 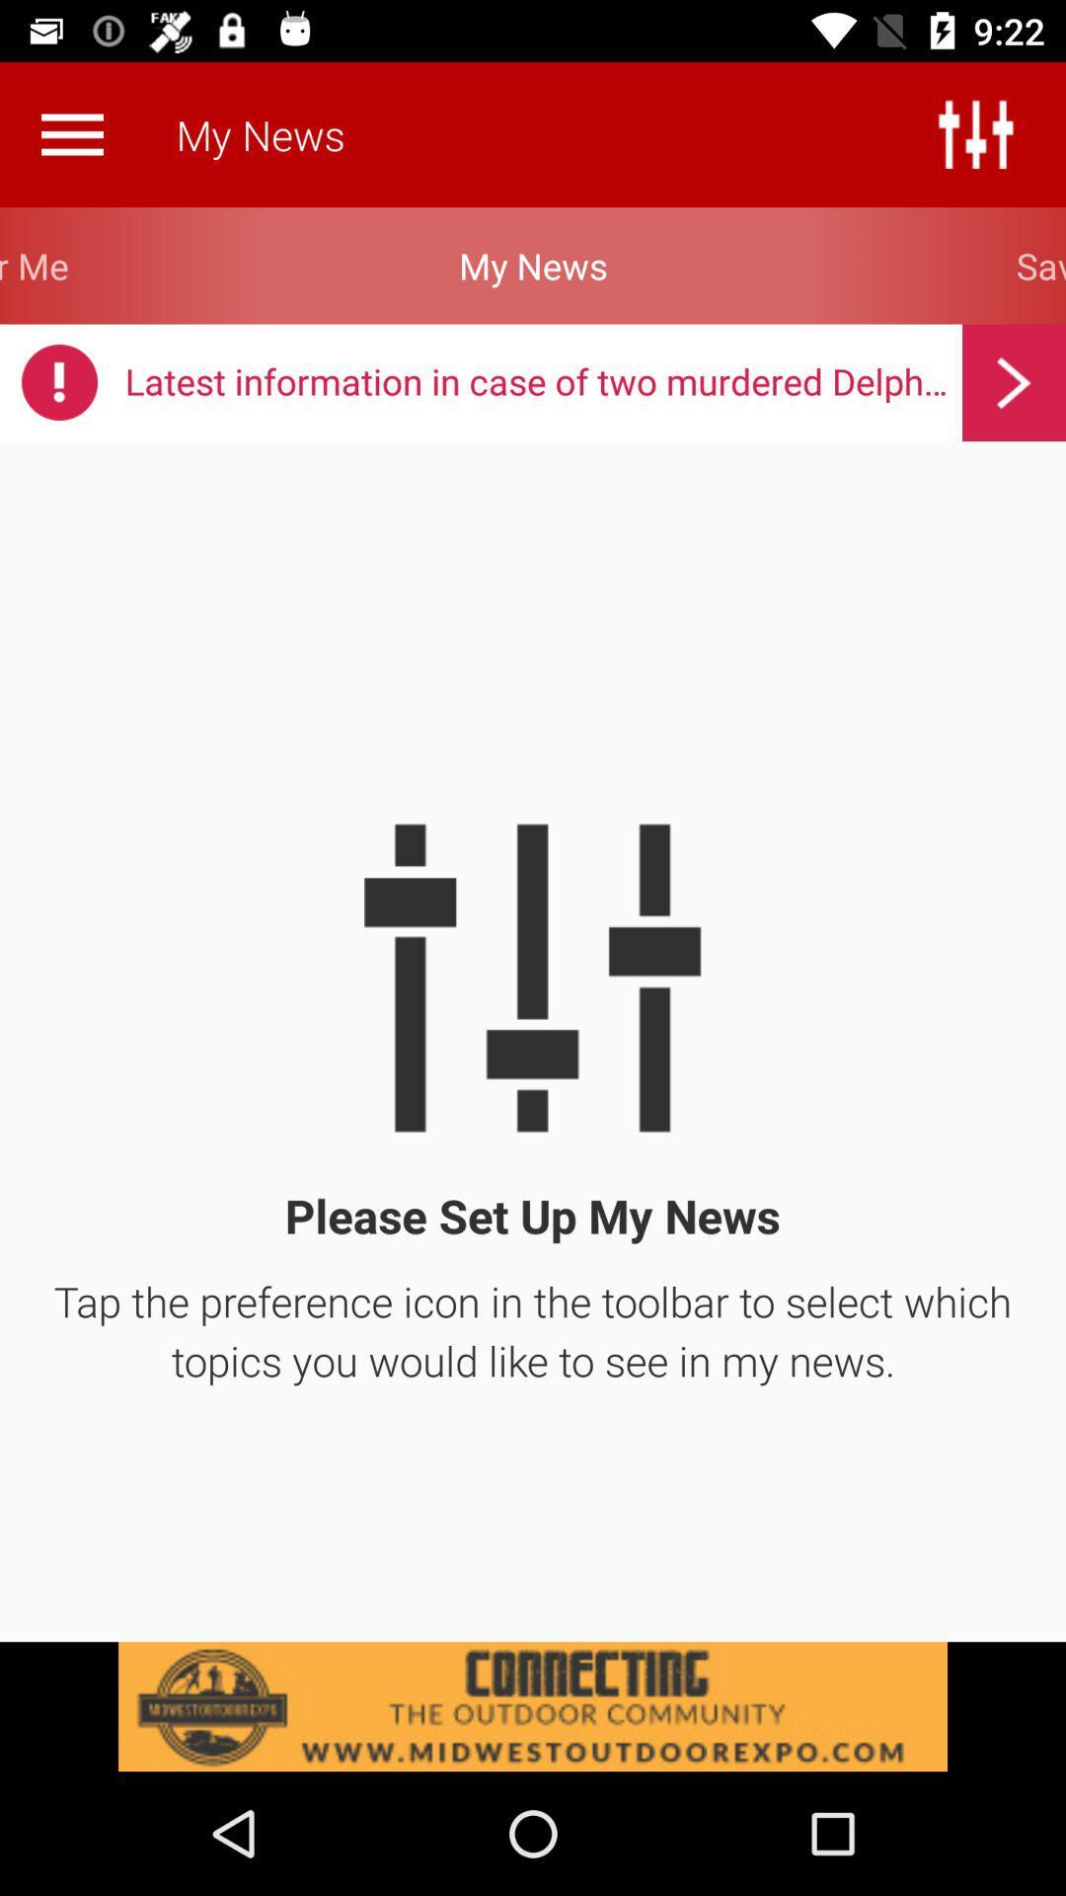 What do you see at coordinates (533, 1705) in the screenshot?
I see `advertisement page` at bounding box center [533, 1705].